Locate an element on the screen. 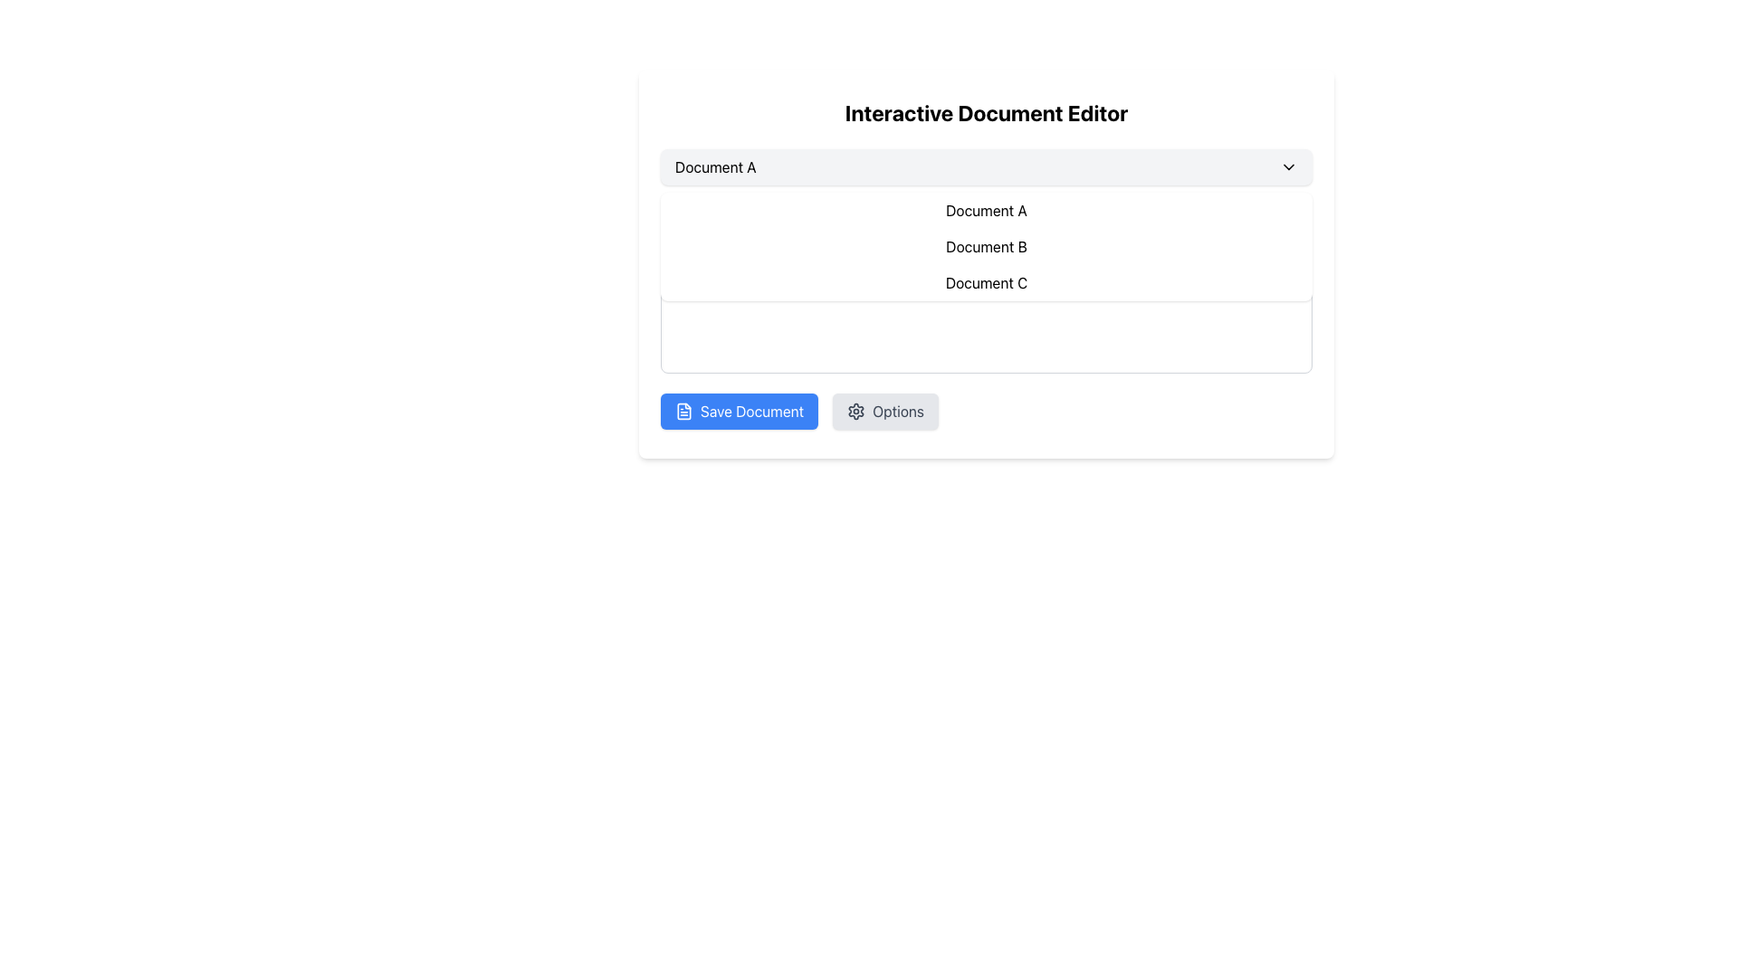 The height and width of the screenshot is (977, 1738). the selectable list item labeled 'Document B' in the dropdown menu is located at coordinates (985, 264).